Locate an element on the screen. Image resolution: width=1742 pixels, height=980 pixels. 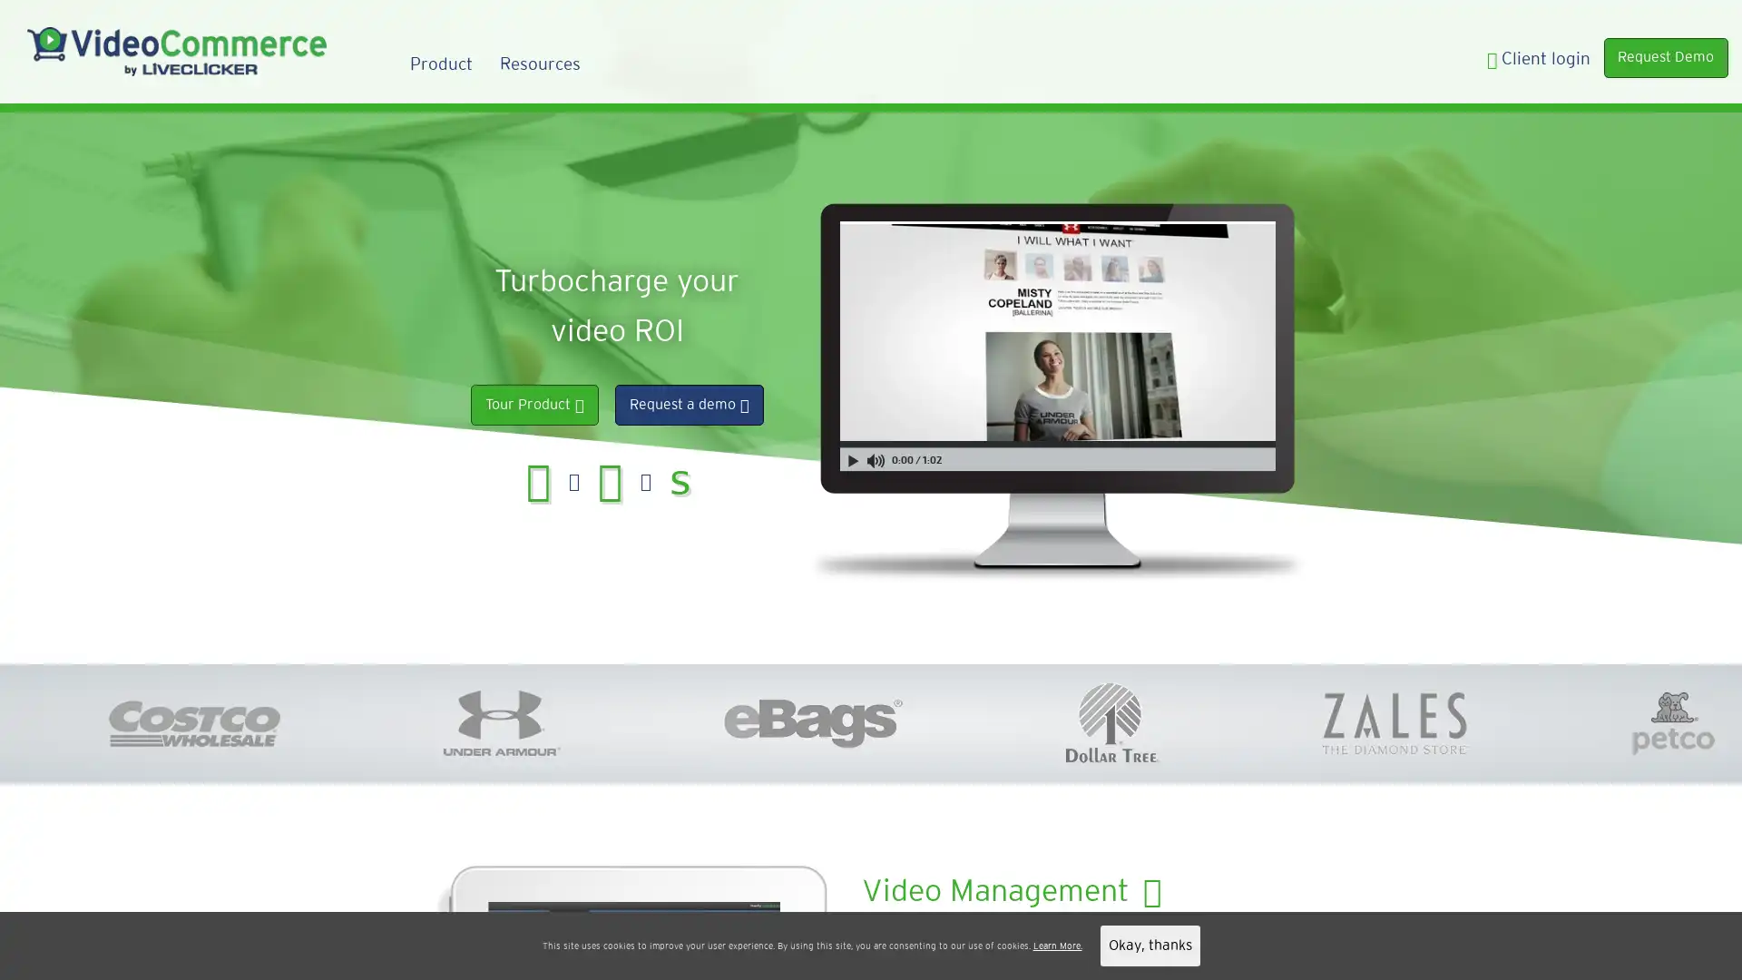
Request a demo is located at coordinates (687, 403).